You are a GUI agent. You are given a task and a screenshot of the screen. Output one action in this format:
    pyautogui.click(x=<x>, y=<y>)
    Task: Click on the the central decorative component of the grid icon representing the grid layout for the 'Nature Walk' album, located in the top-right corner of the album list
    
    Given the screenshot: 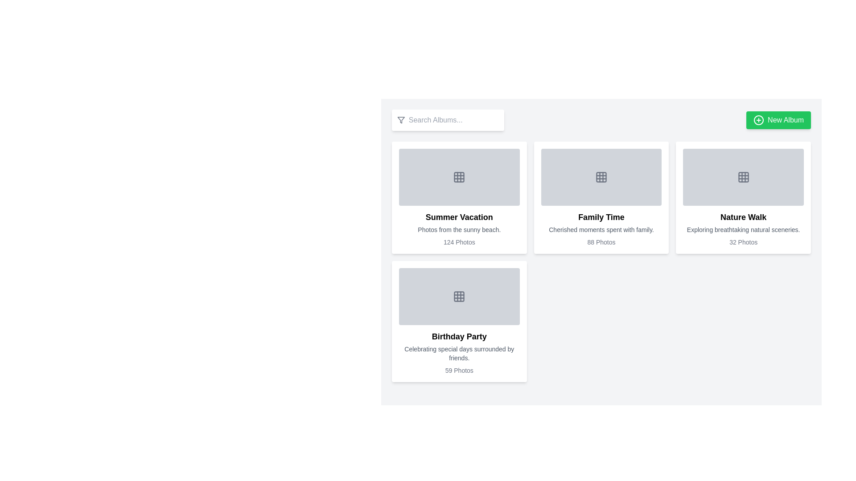 What is the action you would take?
    pyautogui.click(x=743, y=177)
    